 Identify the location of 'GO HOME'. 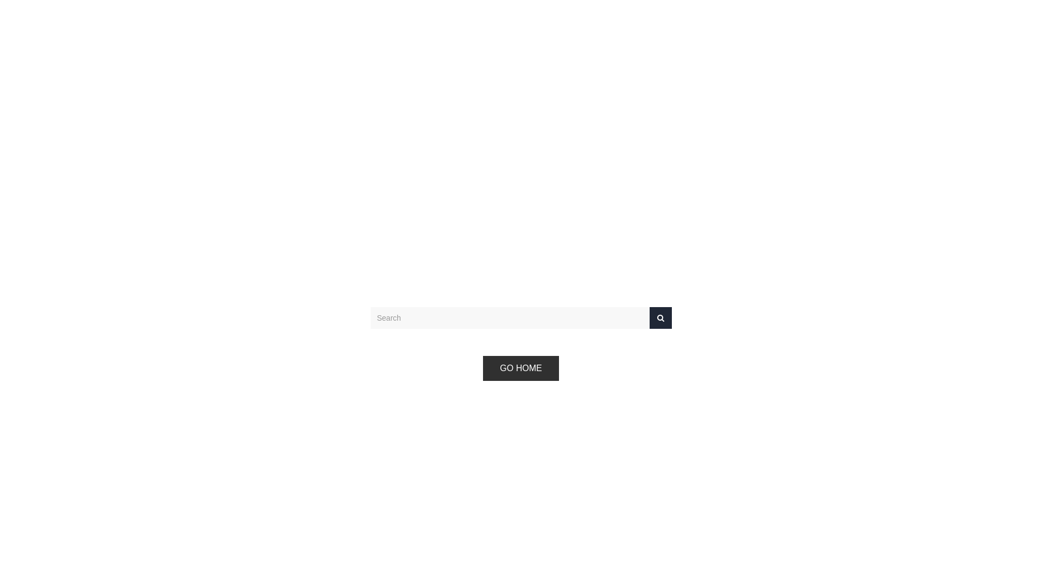
(482, 367).